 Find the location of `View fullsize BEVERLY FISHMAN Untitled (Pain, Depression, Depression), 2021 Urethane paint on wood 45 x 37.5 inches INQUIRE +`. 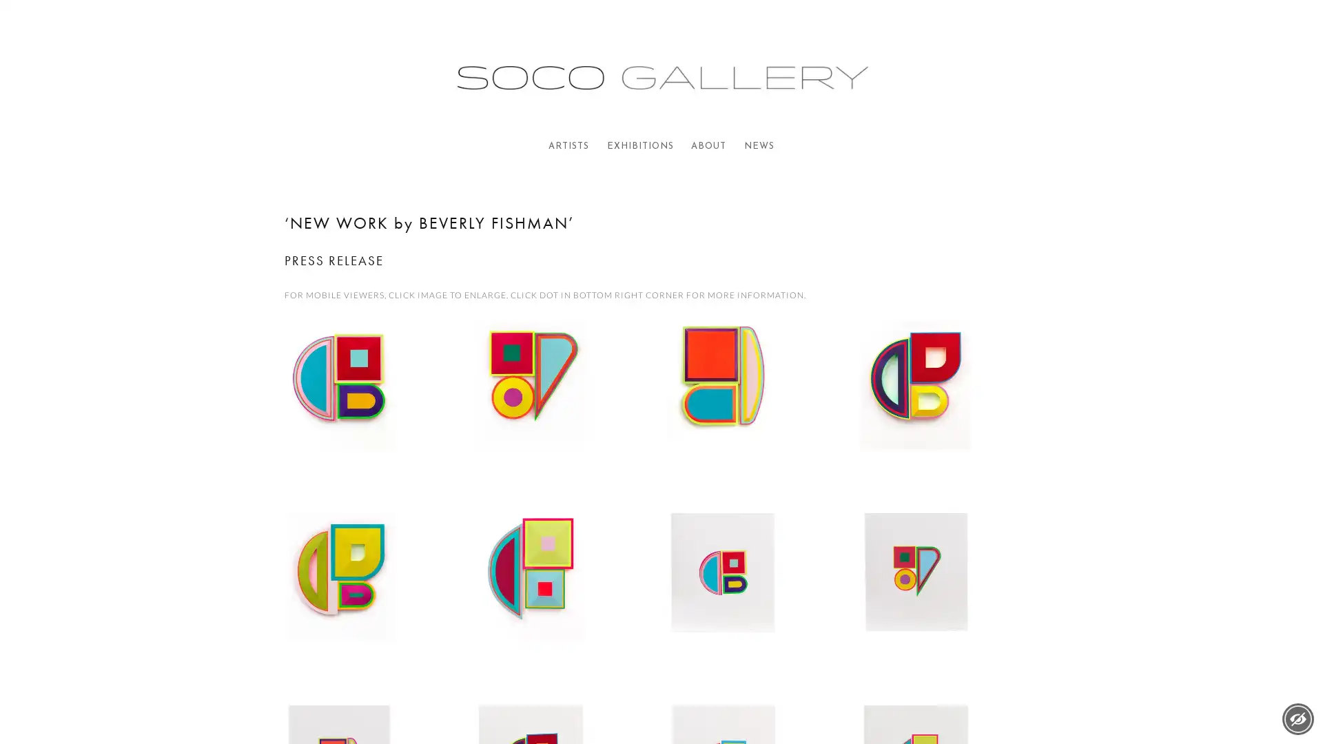

View fullsize BEVERLY FISHMAN Untitled (Pain, Depression, Depression), 2021 Urethane paint on wood 45 x 37.5 inches INQUIRE + is located at coordinates (565, 601).